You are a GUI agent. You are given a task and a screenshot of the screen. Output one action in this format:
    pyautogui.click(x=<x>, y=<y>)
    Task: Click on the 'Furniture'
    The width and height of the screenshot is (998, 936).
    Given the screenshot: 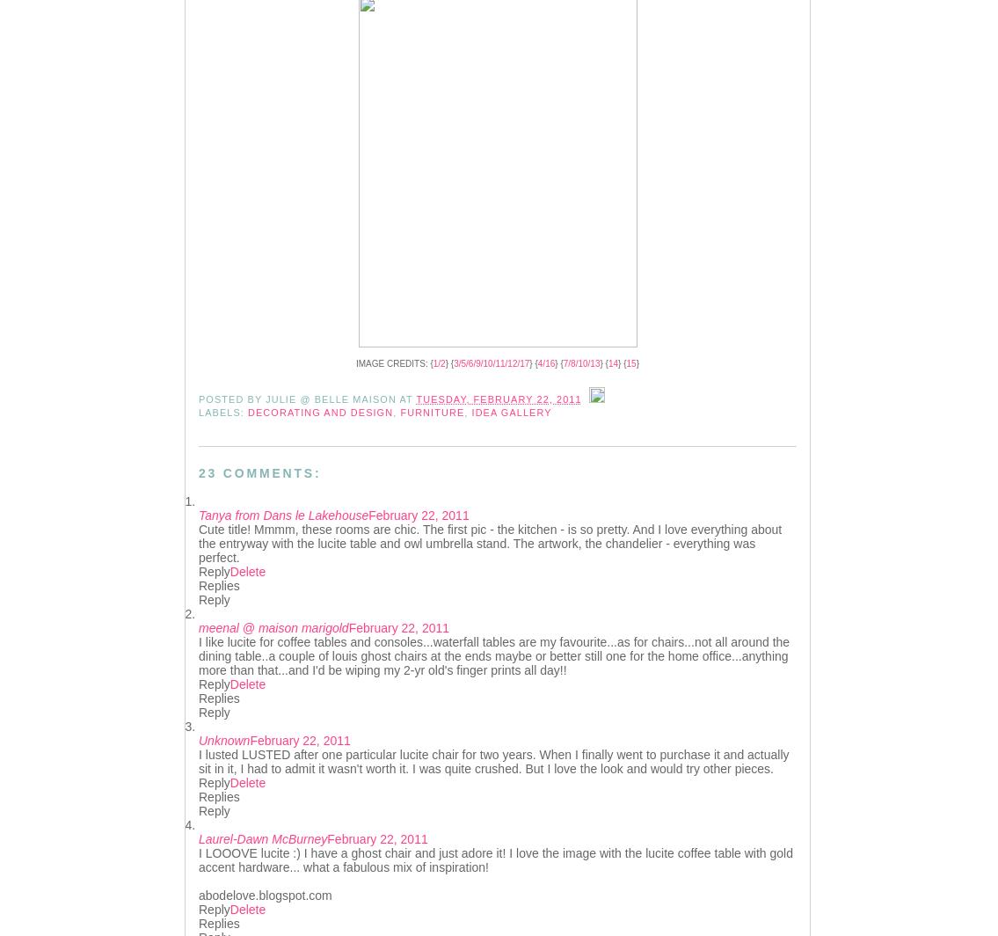 What is the action you would take?
    pyautogui.click(x=431, y=413)
    